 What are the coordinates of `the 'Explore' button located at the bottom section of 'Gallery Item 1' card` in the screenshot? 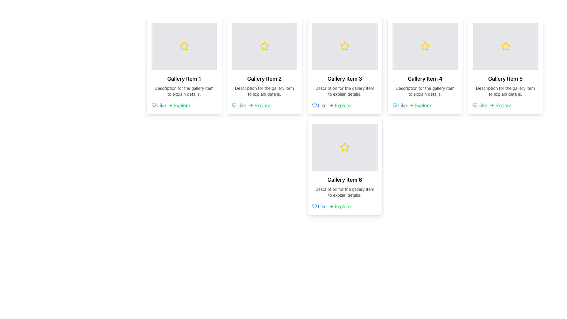 It's located at (179, 105).